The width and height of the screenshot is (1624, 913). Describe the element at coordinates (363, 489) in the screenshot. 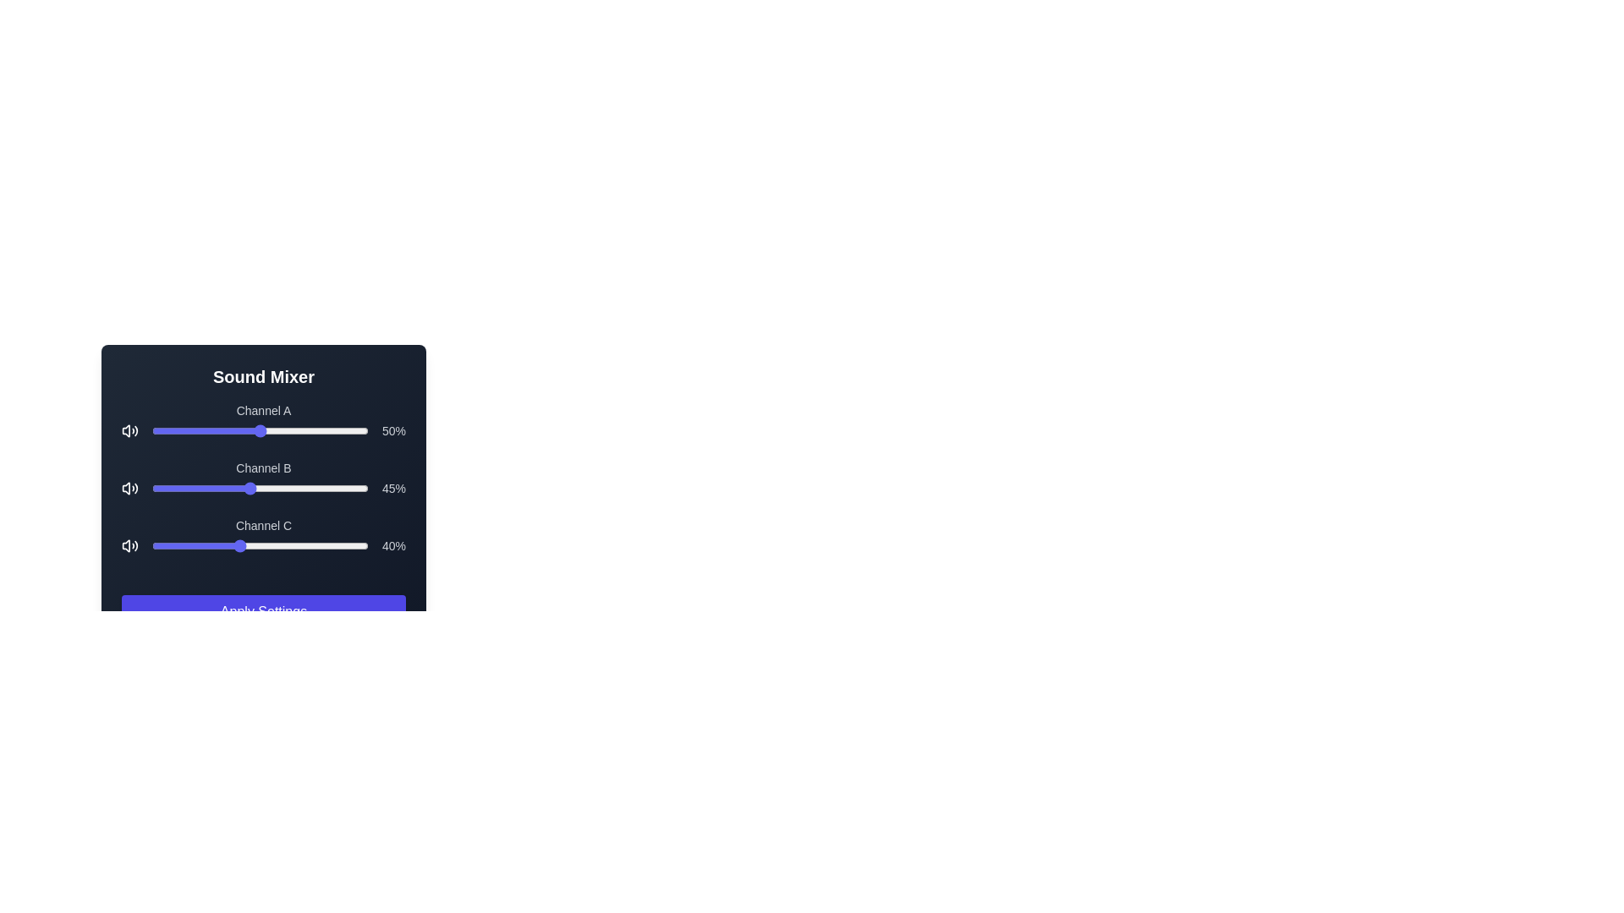

I see `the Channel B volume` at that location.